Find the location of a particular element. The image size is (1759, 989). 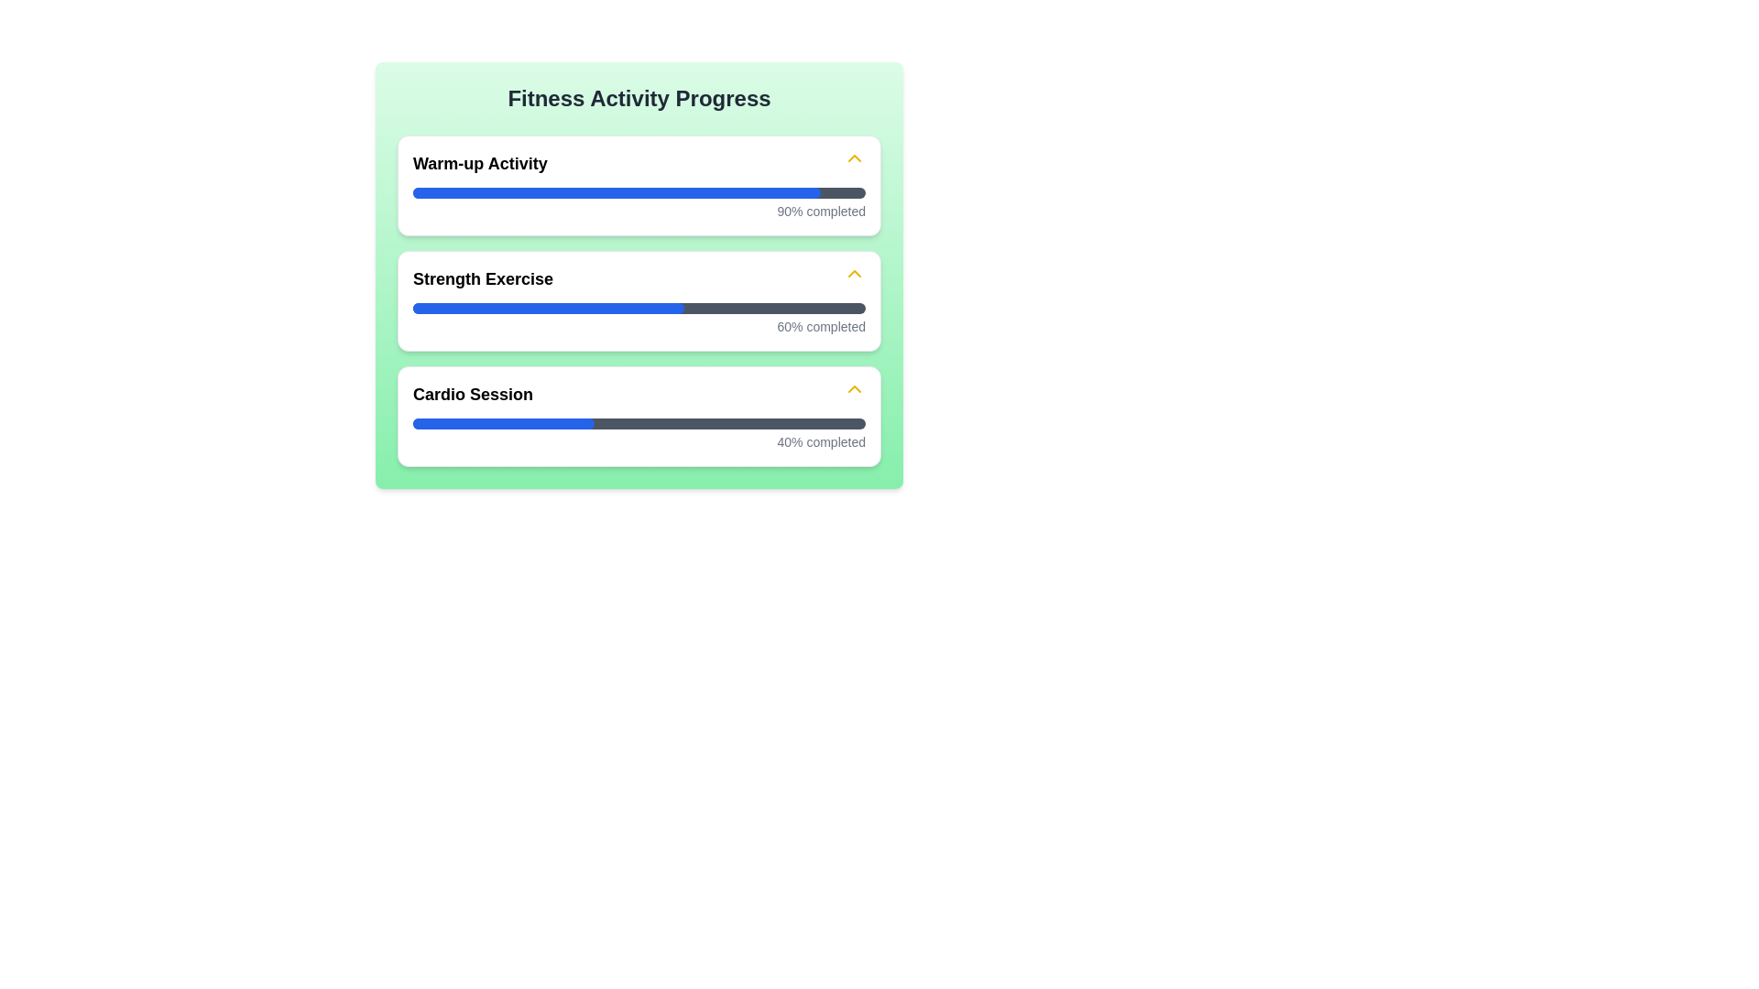

the progress bar segment representing 90% completion for the 'Warm-up Activity' section is located at coordinates (617, 193).